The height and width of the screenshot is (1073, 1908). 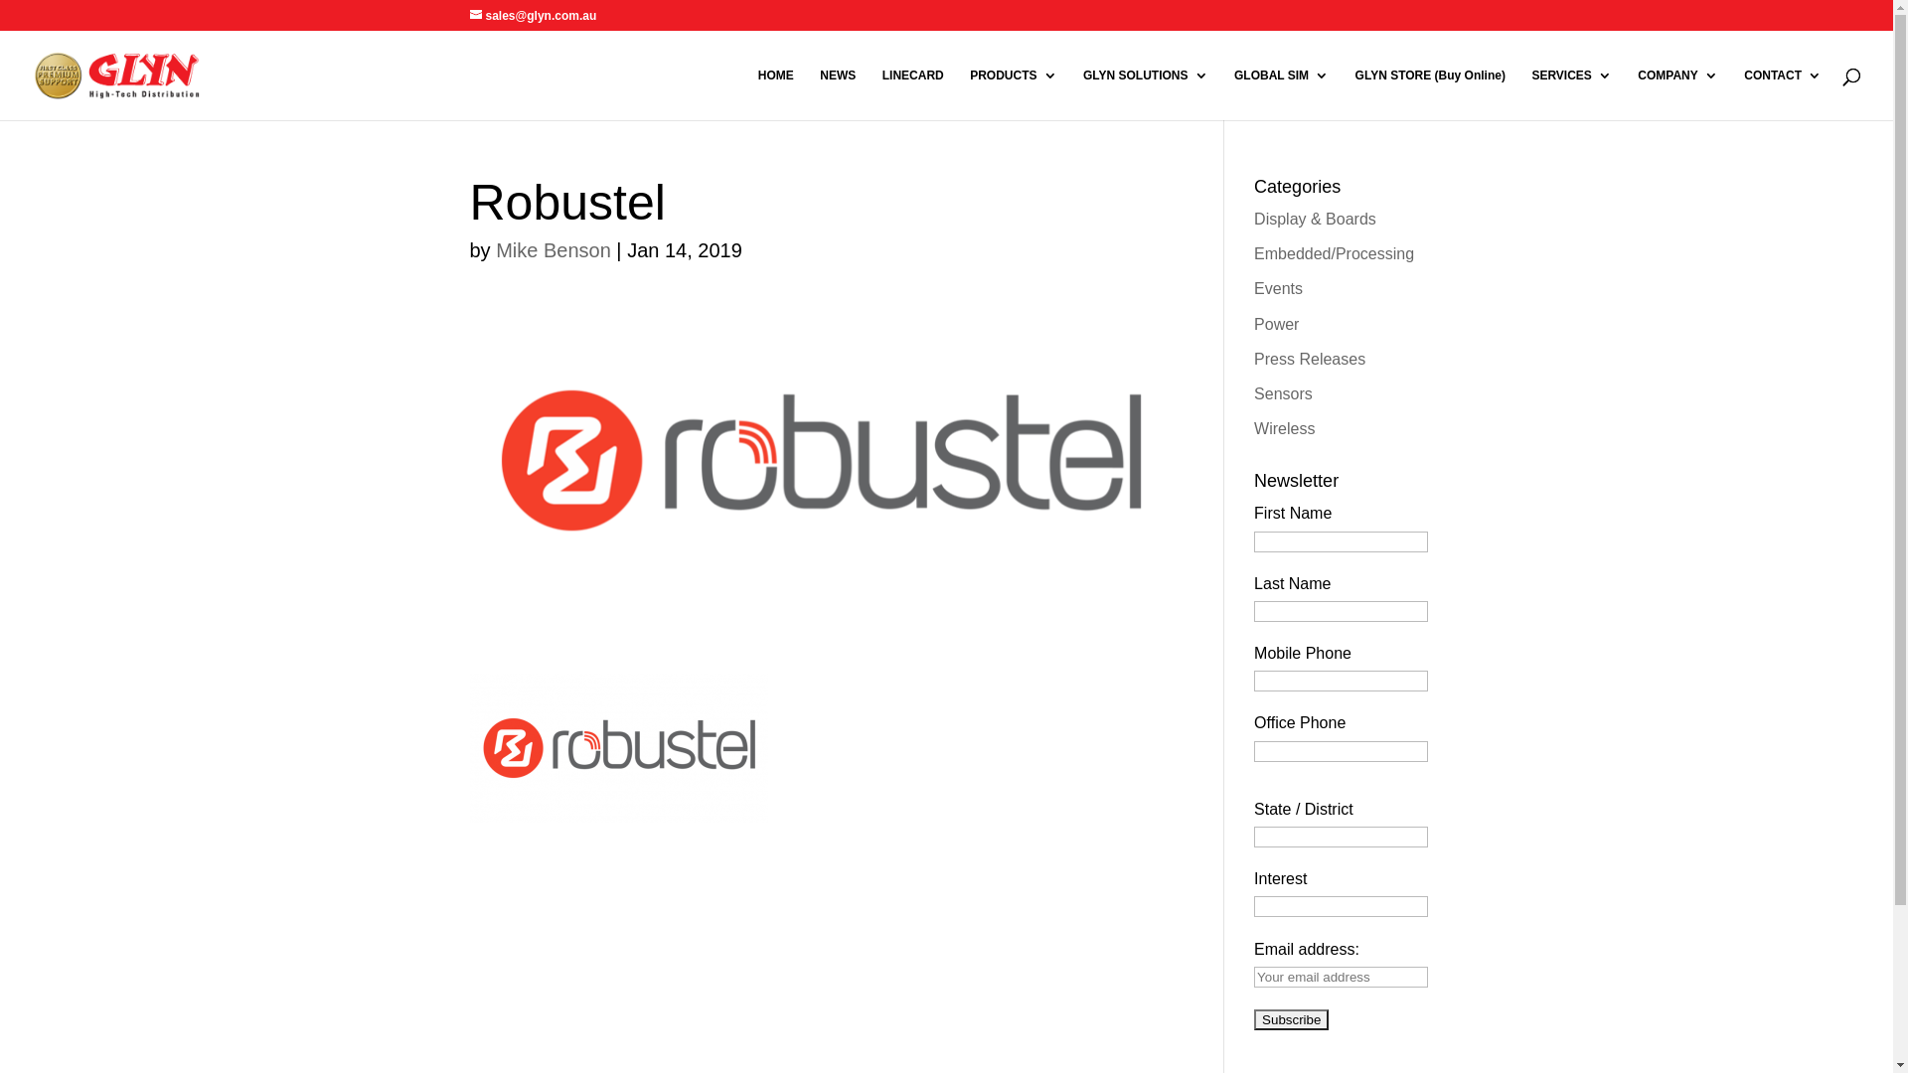 What do you see at coordinates (911, 94) in the screenshot?
I see `'LINECARD'` at bounding box center [911, 94].